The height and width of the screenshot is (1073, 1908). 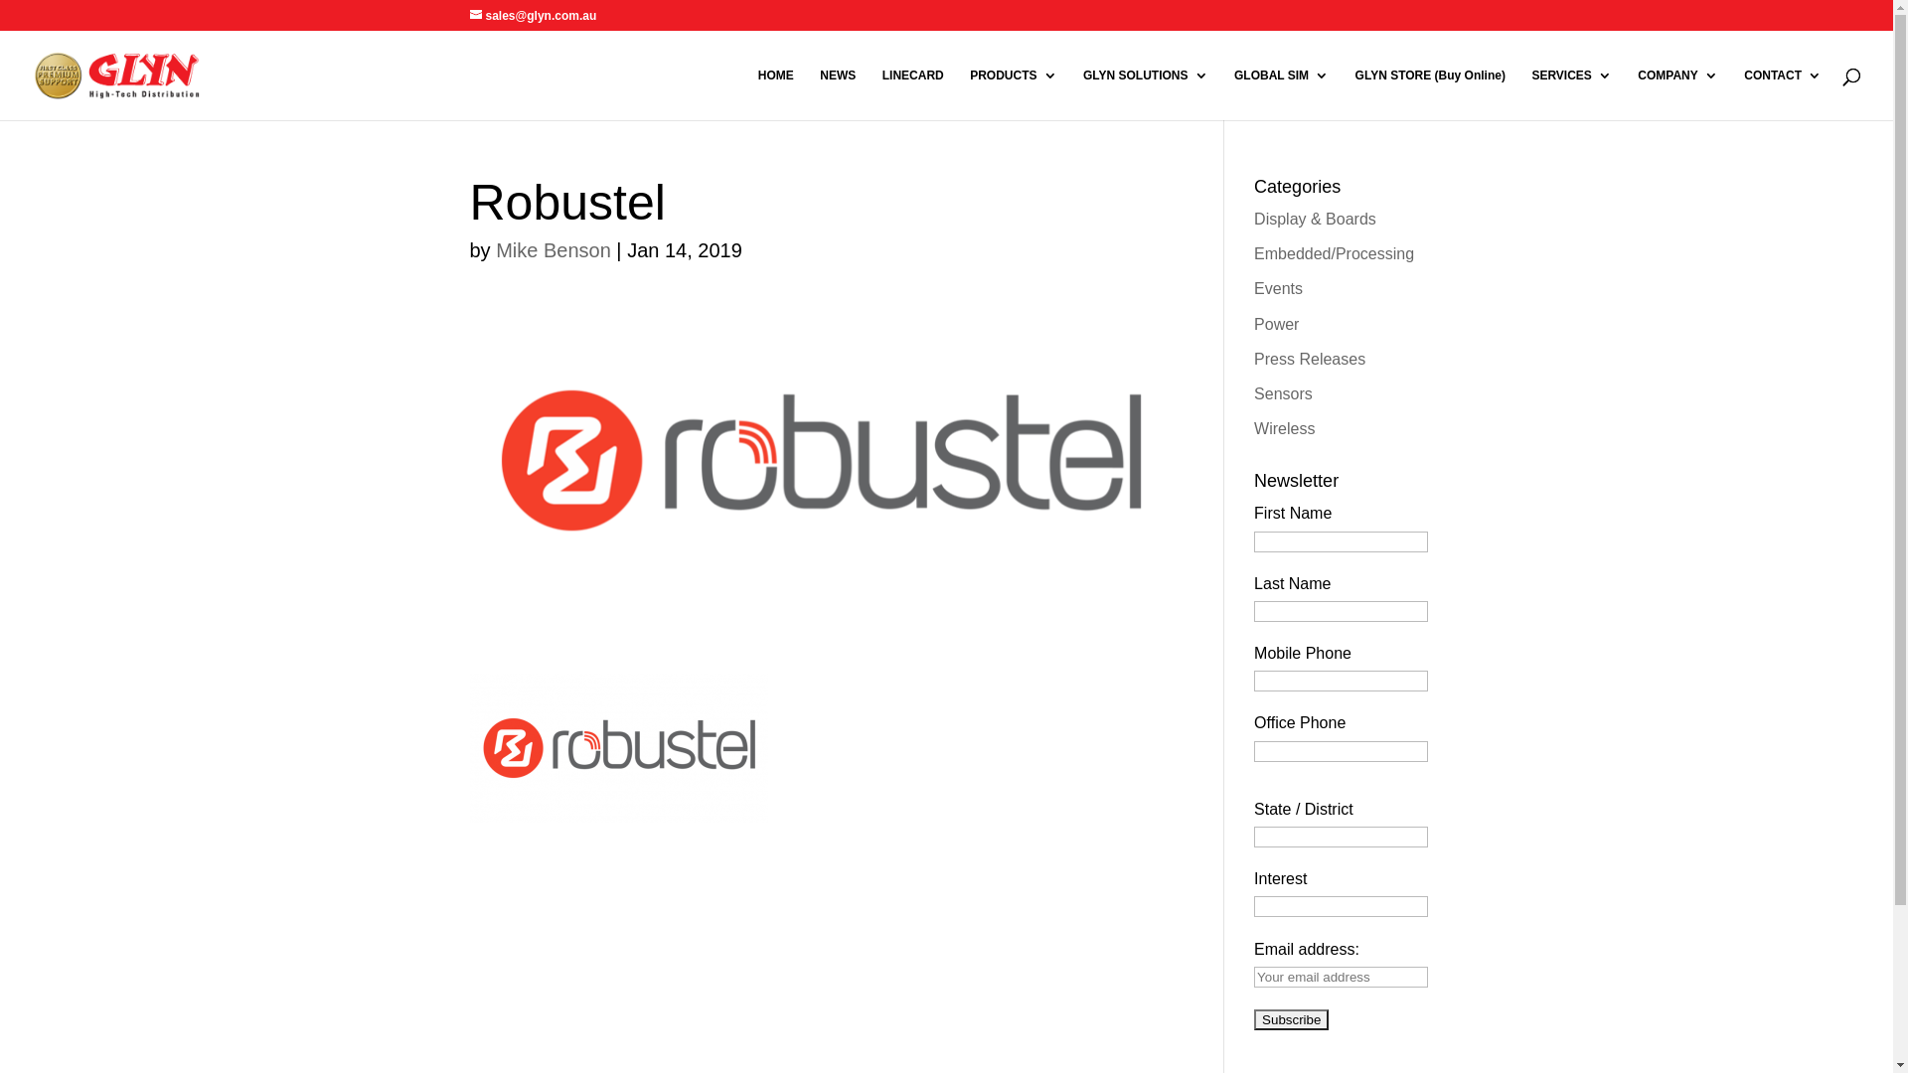 What do you see at coordinates (911, 94) in the screenshot?
I see `'LINECARD'` at bounding box center [911, 94].